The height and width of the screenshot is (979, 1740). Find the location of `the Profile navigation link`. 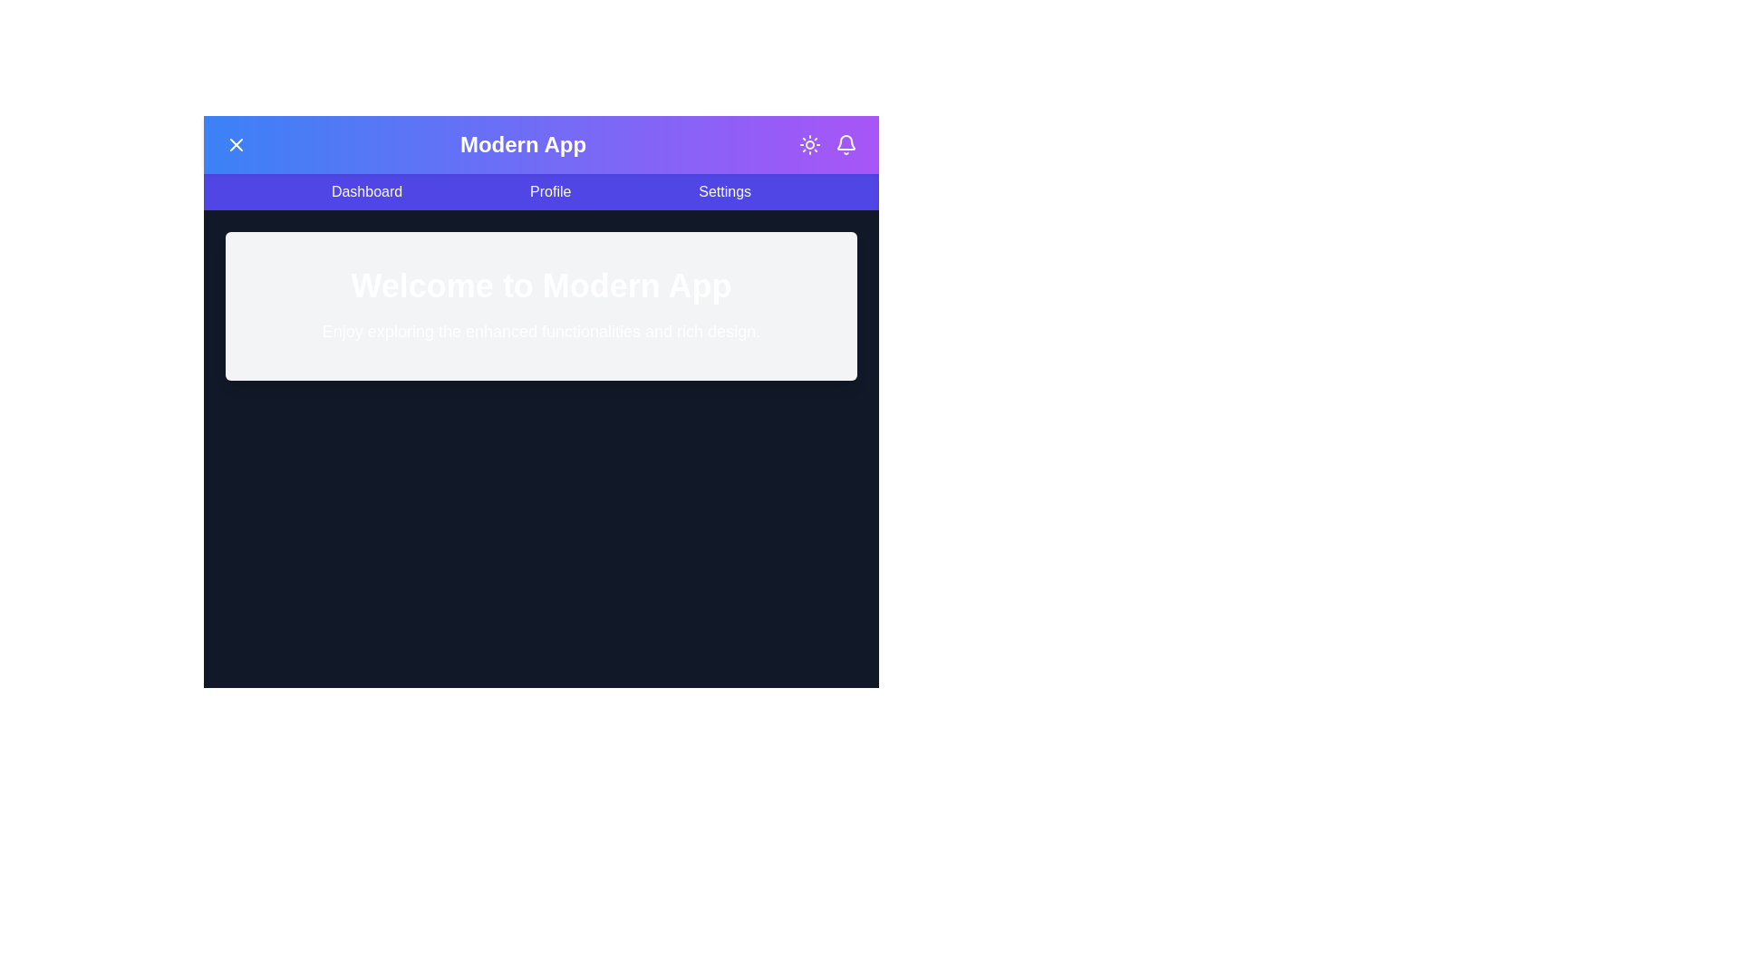

the Profile navigation link is located at coordinates (548, 192).